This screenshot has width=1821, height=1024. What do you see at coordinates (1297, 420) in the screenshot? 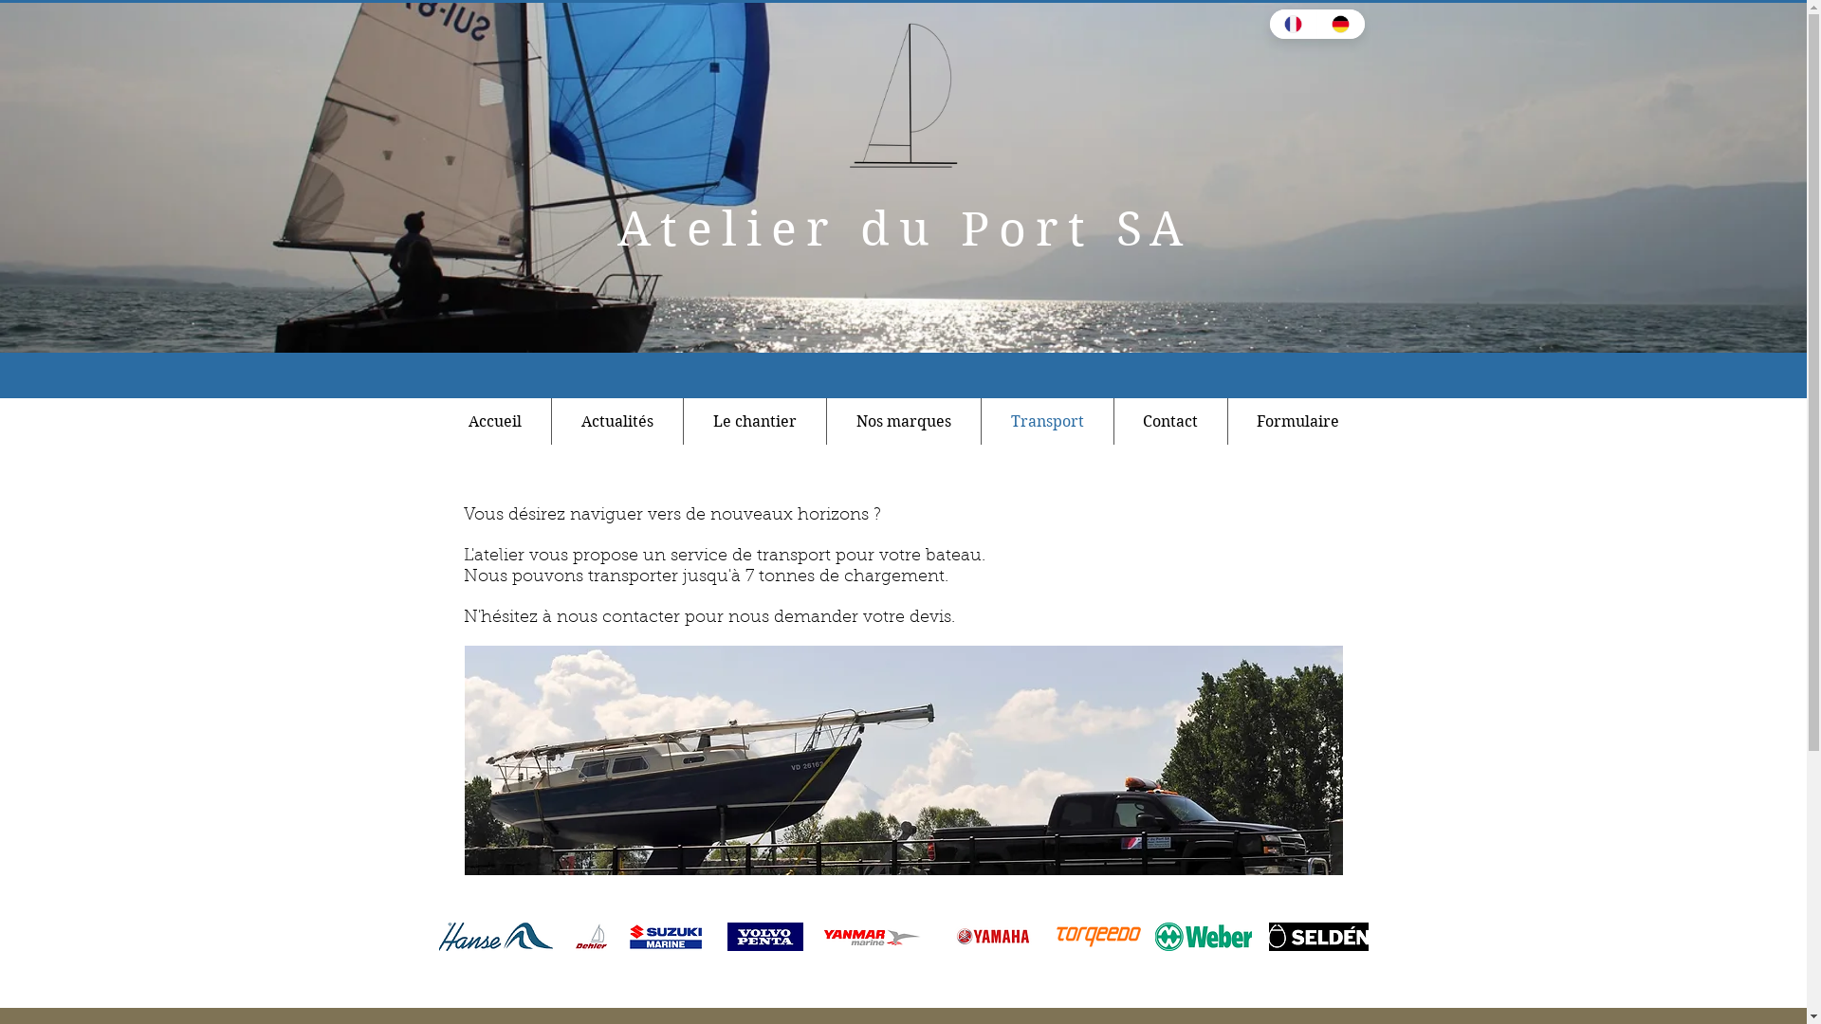
I see `'Formulaire'` at bounding box center [1297, 420].